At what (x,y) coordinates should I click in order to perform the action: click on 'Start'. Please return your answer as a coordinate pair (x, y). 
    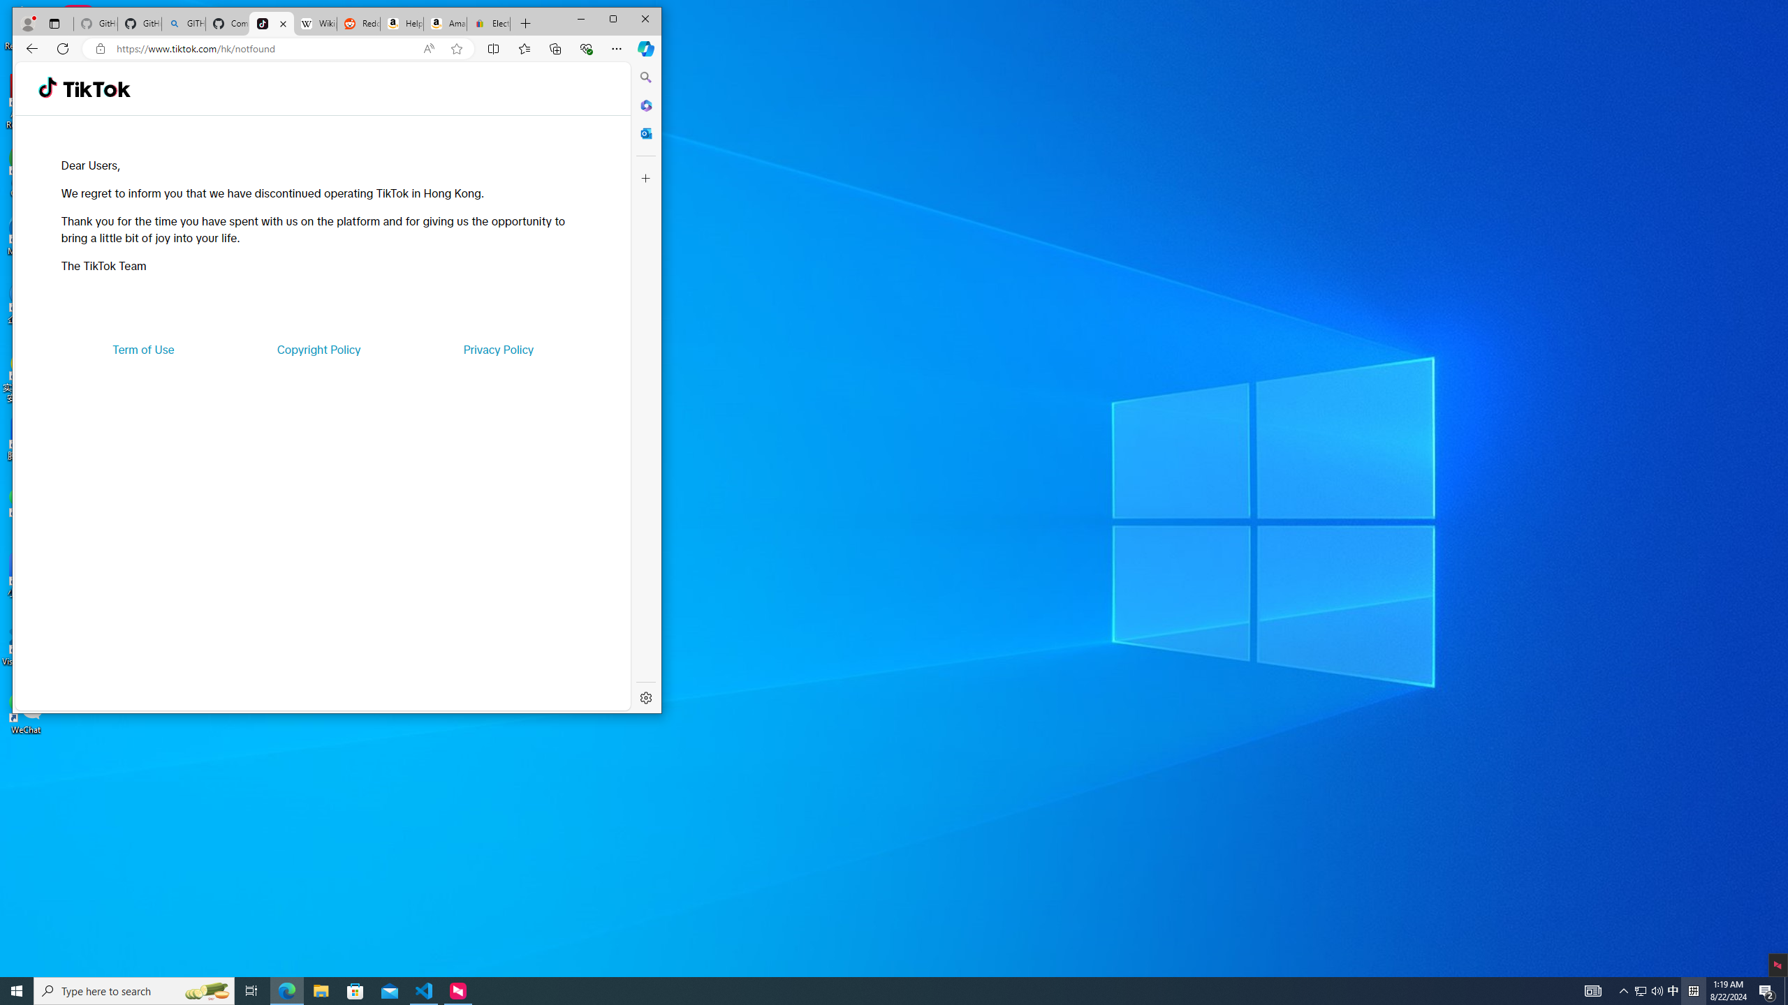
    Looking at the image, I should click on (17, 990).